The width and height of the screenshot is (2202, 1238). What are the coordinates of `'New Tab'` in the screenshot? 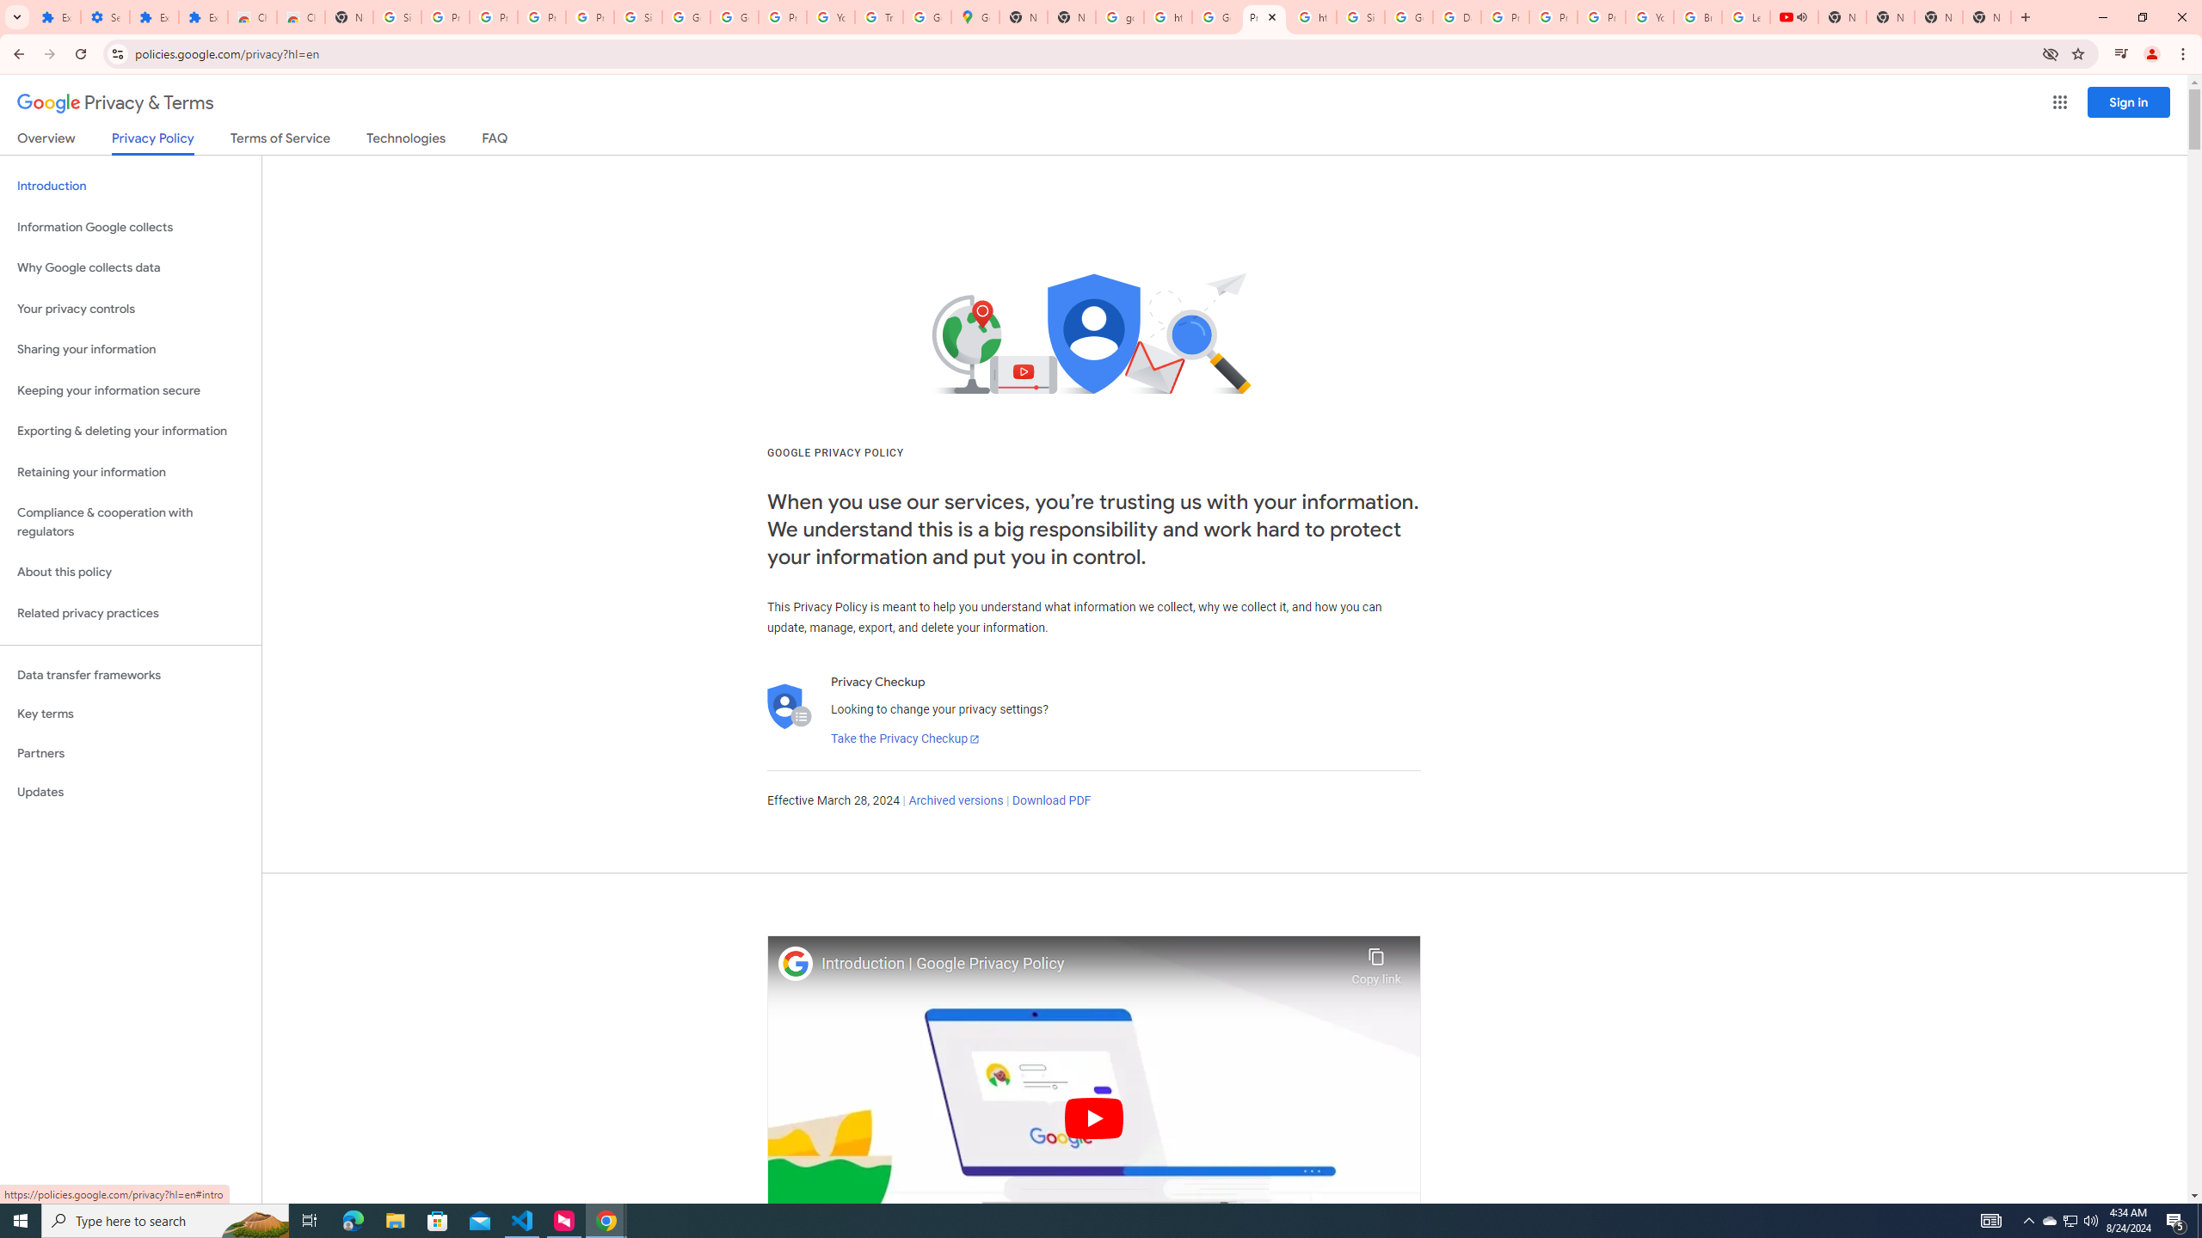 It's located at (1987, 16).